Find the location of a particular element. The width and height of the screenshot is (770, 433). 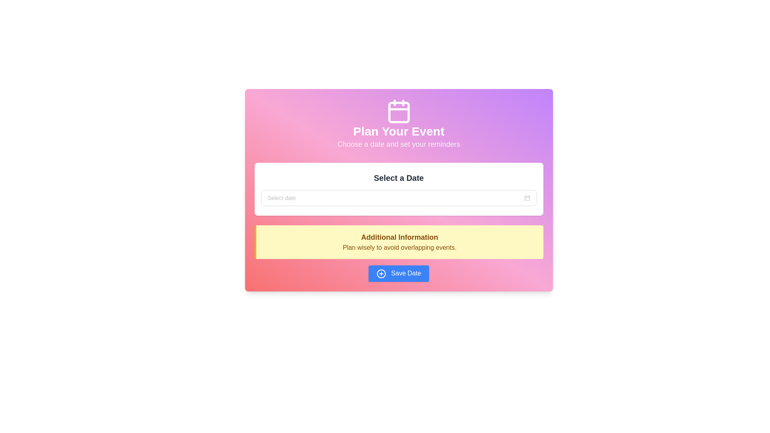

the Informational Banner with a yellow background and bold text 'Additional Information', located above the 'Save Date' button is located at coordinates (399, 253).